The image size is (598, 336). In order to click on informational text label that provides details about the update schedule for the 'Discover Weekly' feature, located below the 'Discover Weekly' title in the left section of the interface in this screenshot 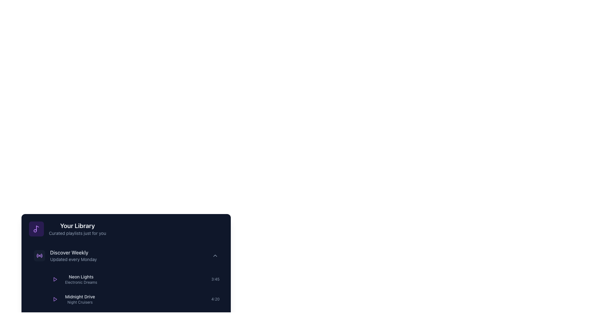, I will do `click(74, 259)`.